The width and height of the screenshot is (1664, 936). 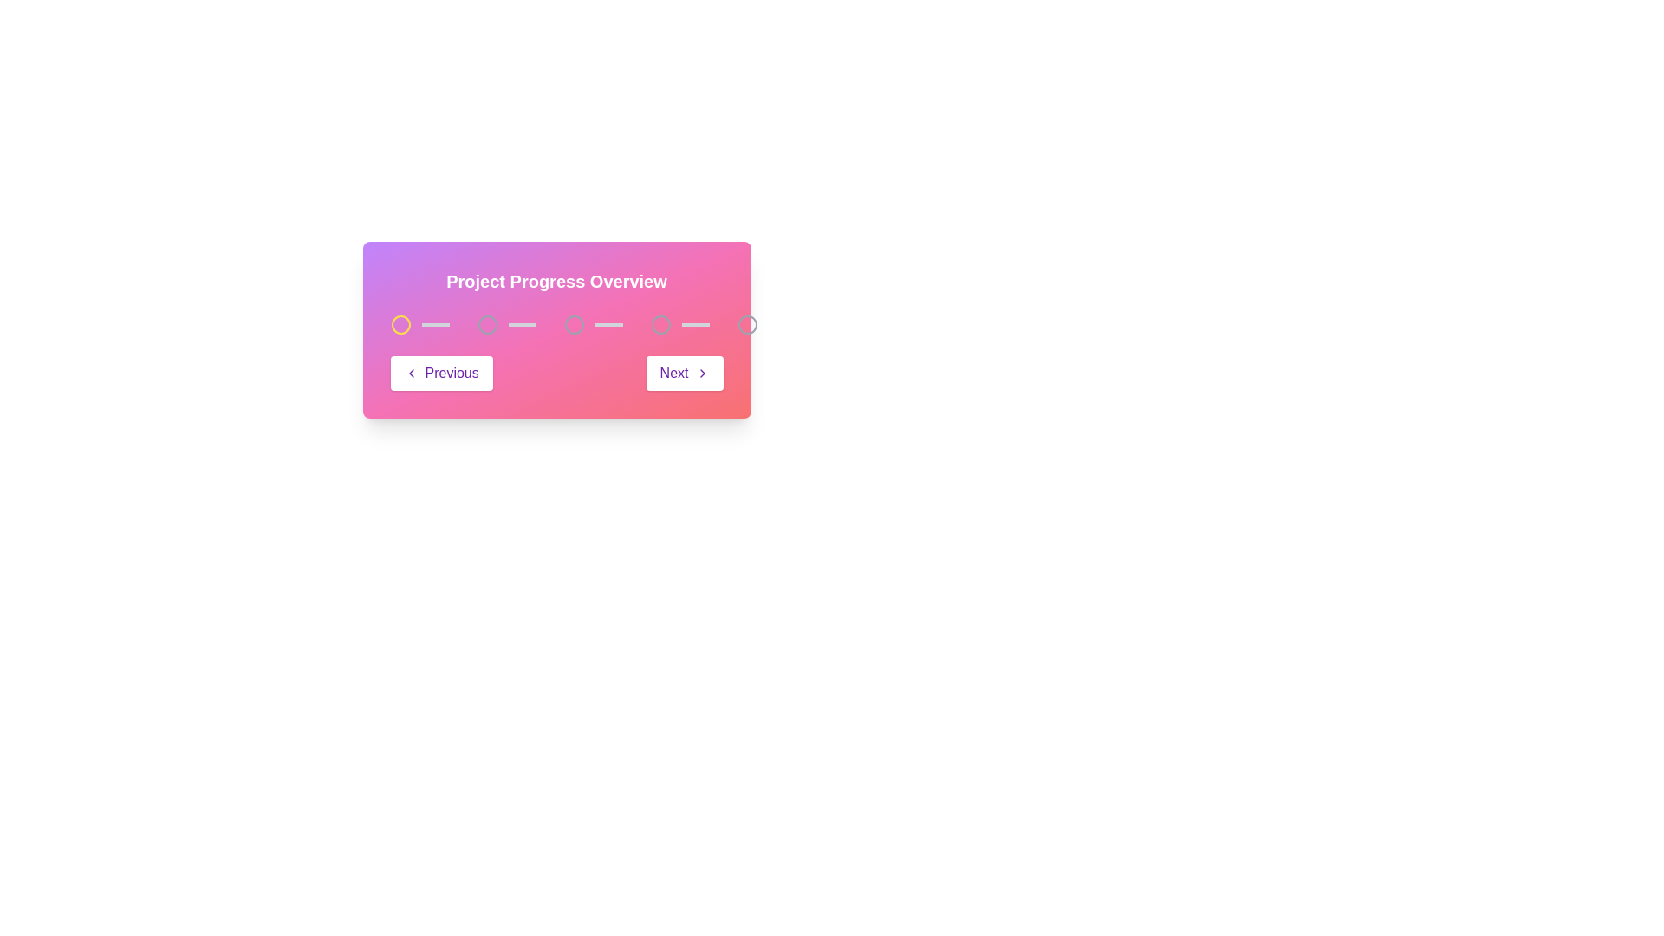 What do you see at coordinates (505, 324) in the screenshot?
I see `the second segment of the progress bar in the 'Project Progress Overview' section, which visually represents progress in a process` at bounding box center [505, 324].